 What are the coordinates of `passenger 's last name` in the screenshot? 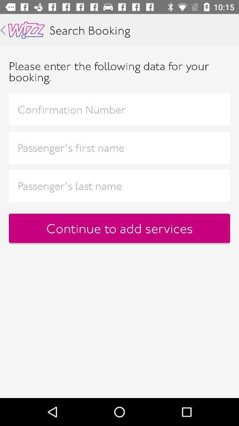 It's located at (119, 185).